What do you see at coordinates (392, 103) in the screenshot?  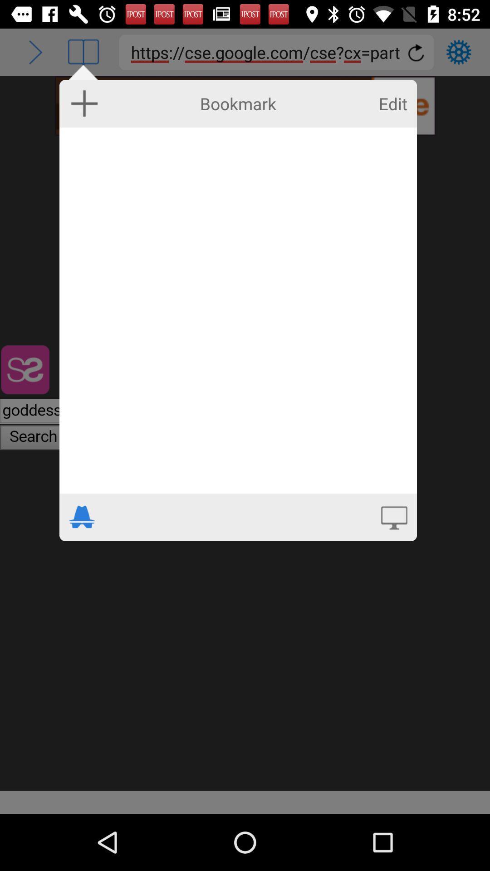 I see `the icon at the top right corner` at bounding box center [392, 103].